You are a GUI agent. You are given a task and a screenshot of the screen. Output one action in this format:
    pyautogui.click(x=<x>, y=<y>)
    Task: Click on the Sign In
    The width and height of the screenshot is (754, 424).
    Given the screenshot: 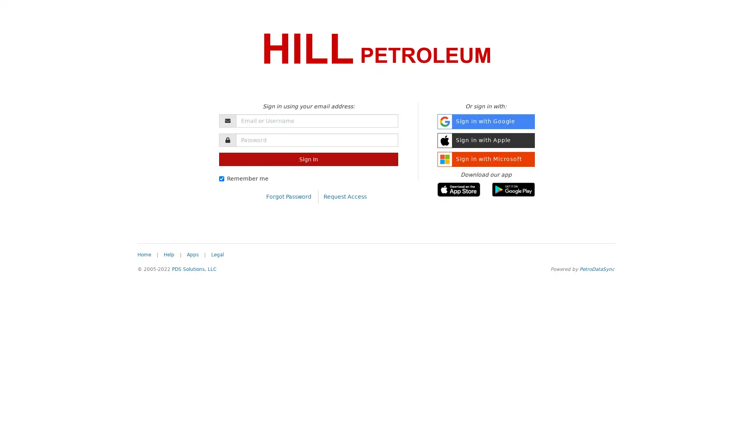 What is the action you would take?
    pyautogui.click(x=308, y=159)
    